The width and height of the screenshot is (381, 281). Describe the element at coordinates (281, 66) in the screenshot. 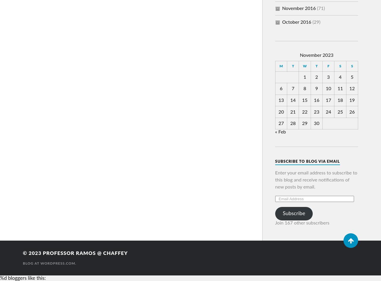

I see `'M'` at that location.